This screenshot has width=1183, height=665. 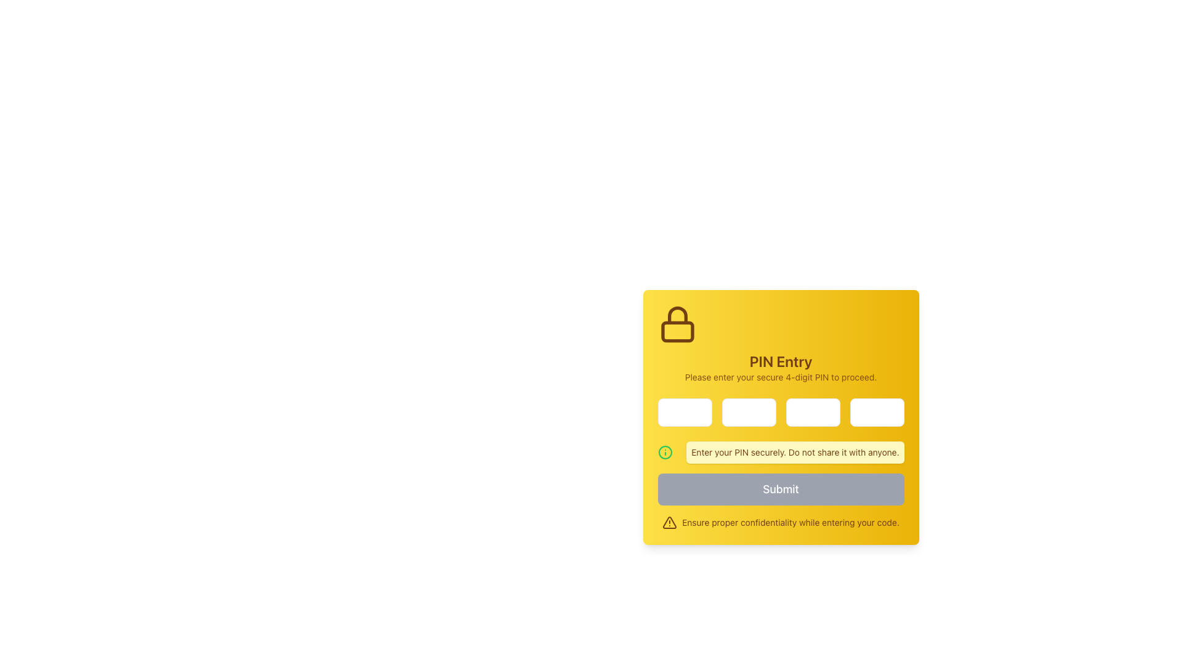 What do you see at coordinates (780, 453) in the screenshot?
I see `the static informational notification box that displays the message 'Enter your PIN securely. Do not share it with anyone.'` at bounding box center [780, 453].